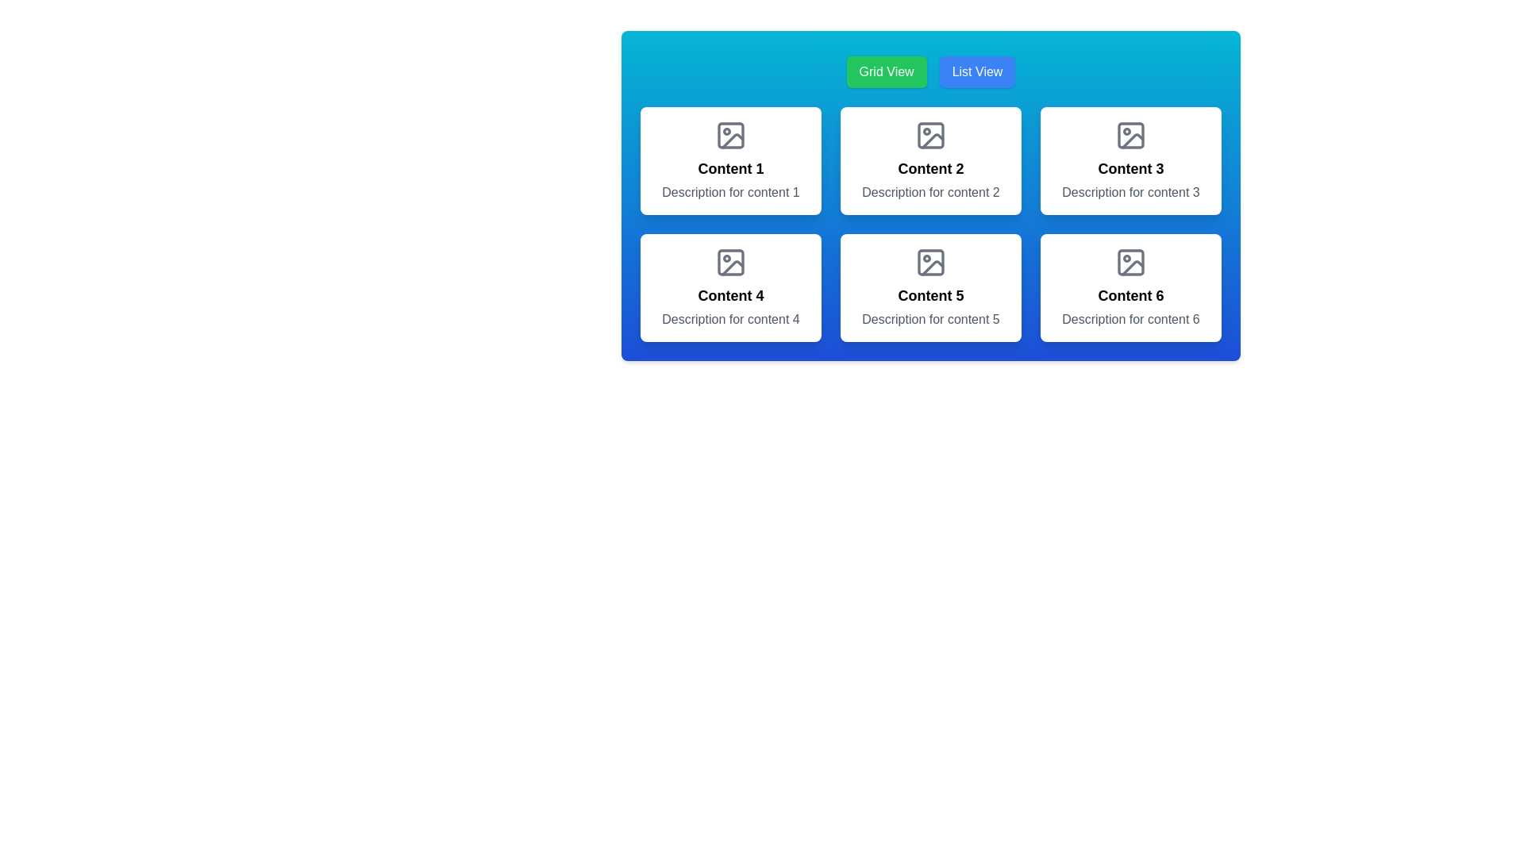 This screenshot has height=857, width=1524. What do you see at coordinates (1130, 287) in the screenshot?
I see `the icon located in the top section of the Content Card displaying 'Content 6' and 'Description for content 6'` at bounding box center [1130, 287].